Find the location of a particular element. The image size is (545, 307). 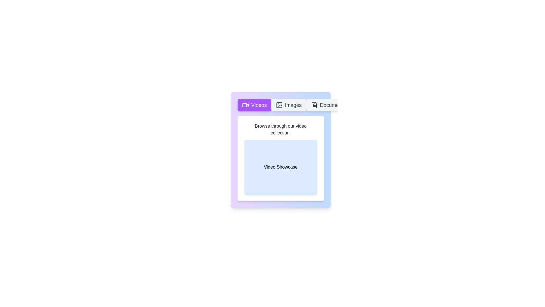

the static text label in the leftmost button of the horizontal navigation bar that identifies a video-related navigation option is located at coordinates (259, 105).